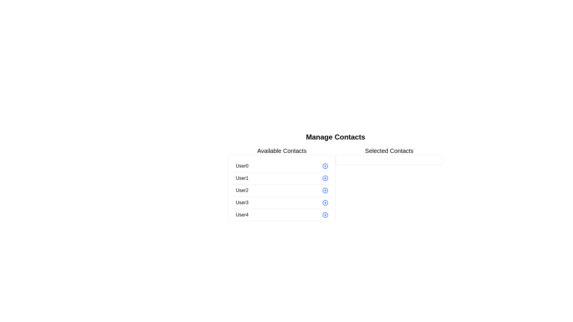 The width and height of the screenshot is (573, 322). I want to click on the circular button with a blue border located in the last row adjacent to 'User4', so click(325, 215).